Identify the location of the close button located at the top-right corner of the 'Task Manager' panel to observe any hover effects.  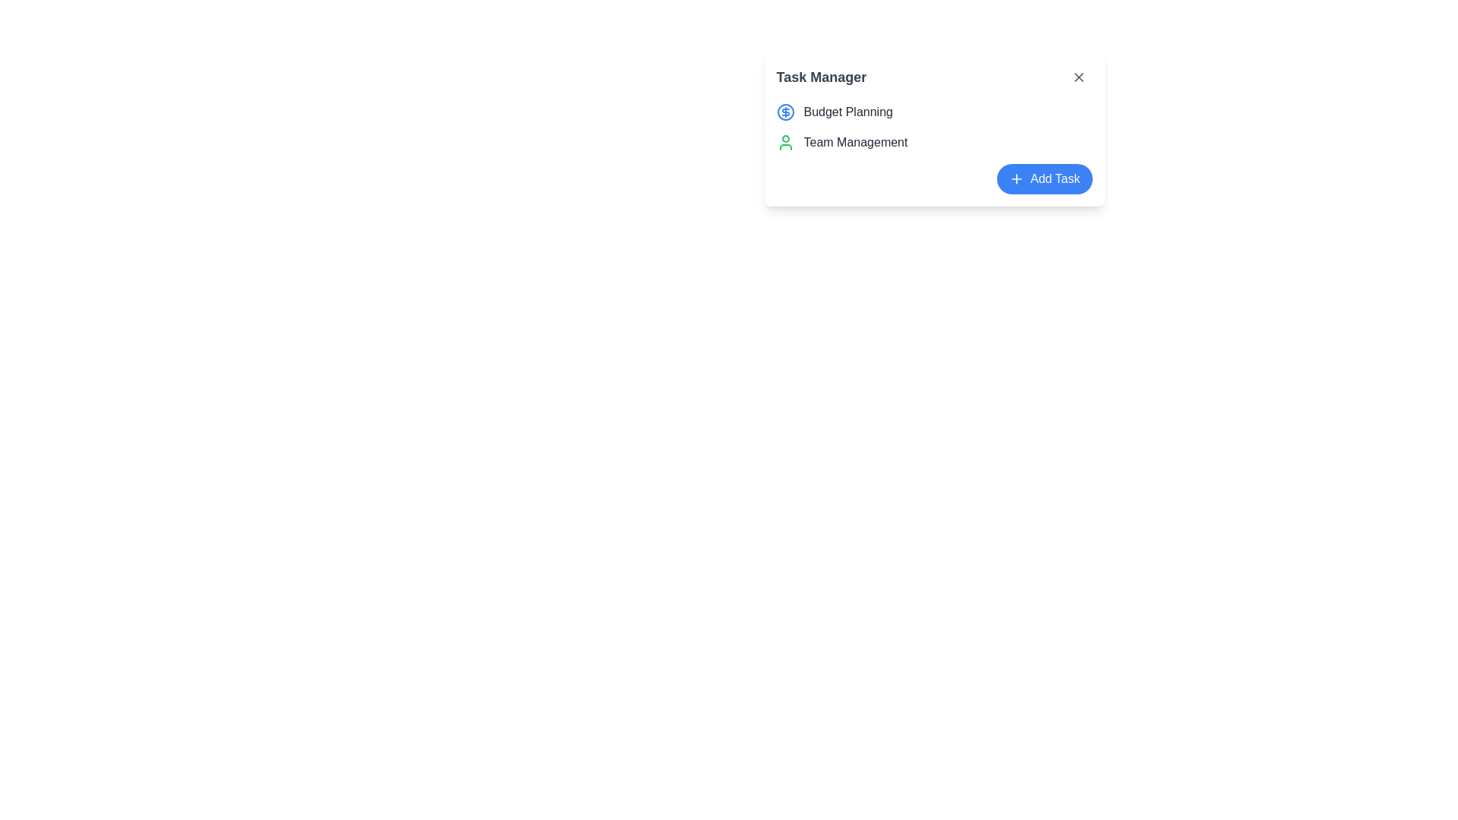
(1078, 77).